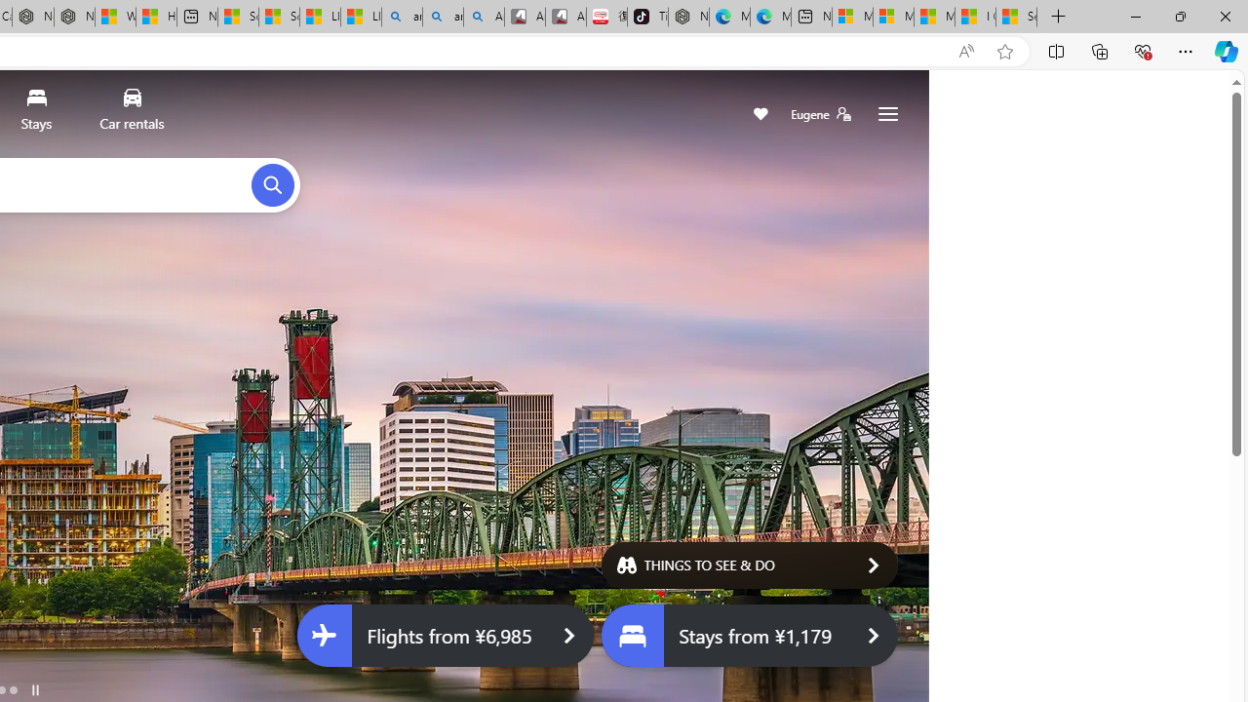 Image resolution: width=1248 pixels, height=702 pixels. What do you see at coordinates (975, 17) in the screenshot?
I see `'I Gained 20 Pounds of Muscle in 30 Days! | Watch'` at bounding box center [975, 17].